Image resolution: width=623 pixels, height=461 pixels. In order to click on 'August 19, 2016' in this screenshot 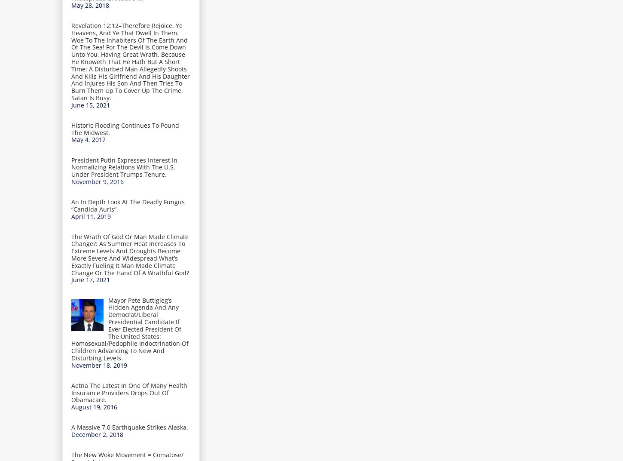, I will do `click(94, 406)`.